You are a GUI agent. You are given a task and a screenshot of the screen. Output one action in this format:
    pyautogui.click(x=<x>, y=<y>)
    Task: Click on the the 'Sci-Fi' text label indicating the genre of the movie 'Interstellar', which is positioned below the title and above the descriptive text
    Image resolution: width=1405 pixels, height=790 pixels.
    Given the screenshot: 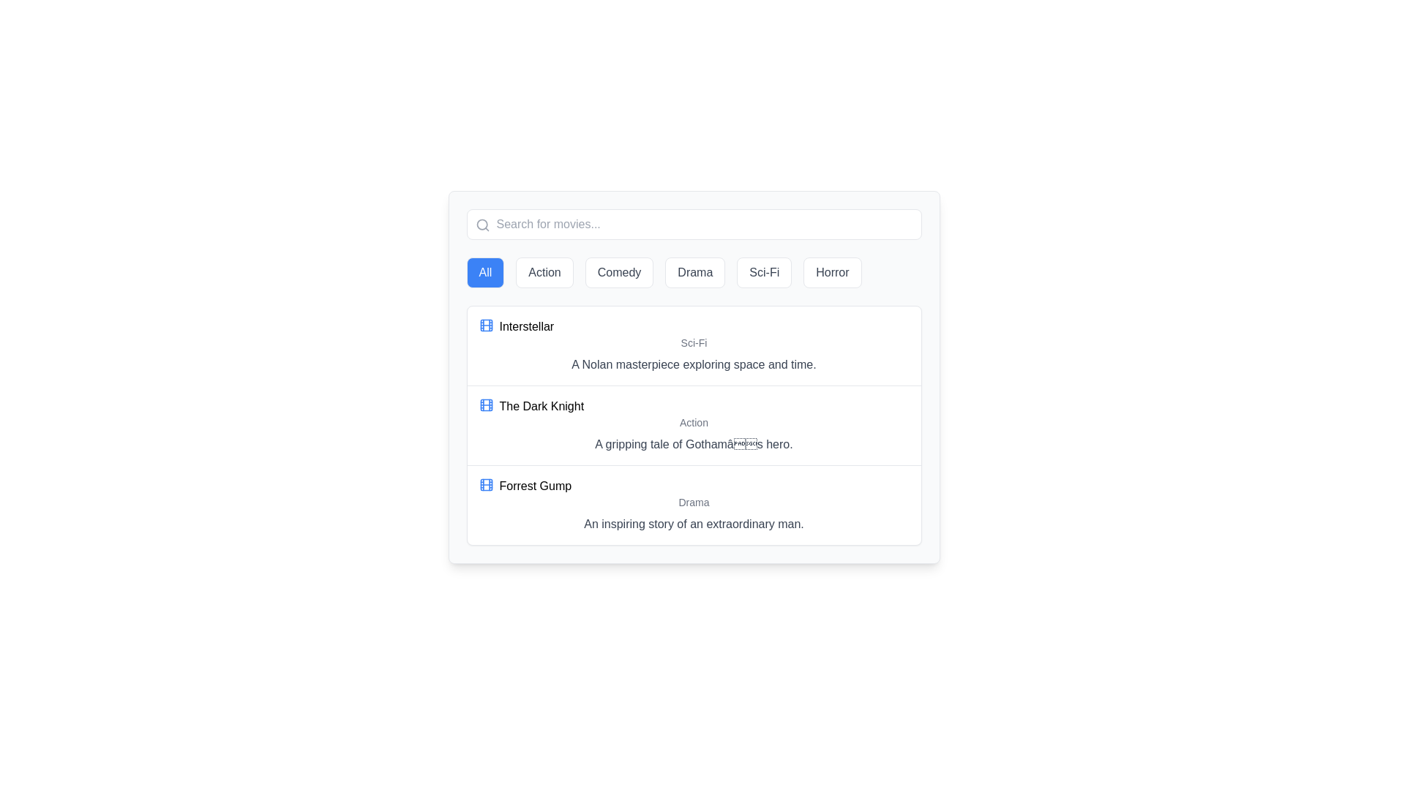 What is the action you would take?
    pyautogui.click(x=693, y=343)
    